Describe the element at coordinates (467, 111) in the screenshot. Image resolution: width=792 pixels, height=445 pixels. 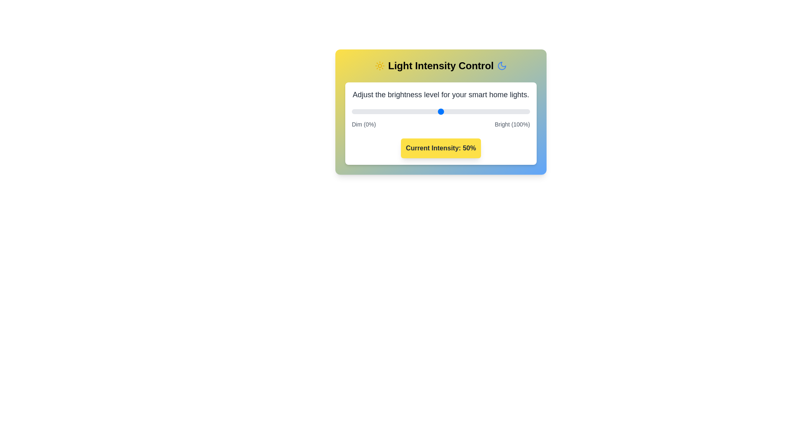
I see `the light intensity to 65% by moving the slider` at that location.